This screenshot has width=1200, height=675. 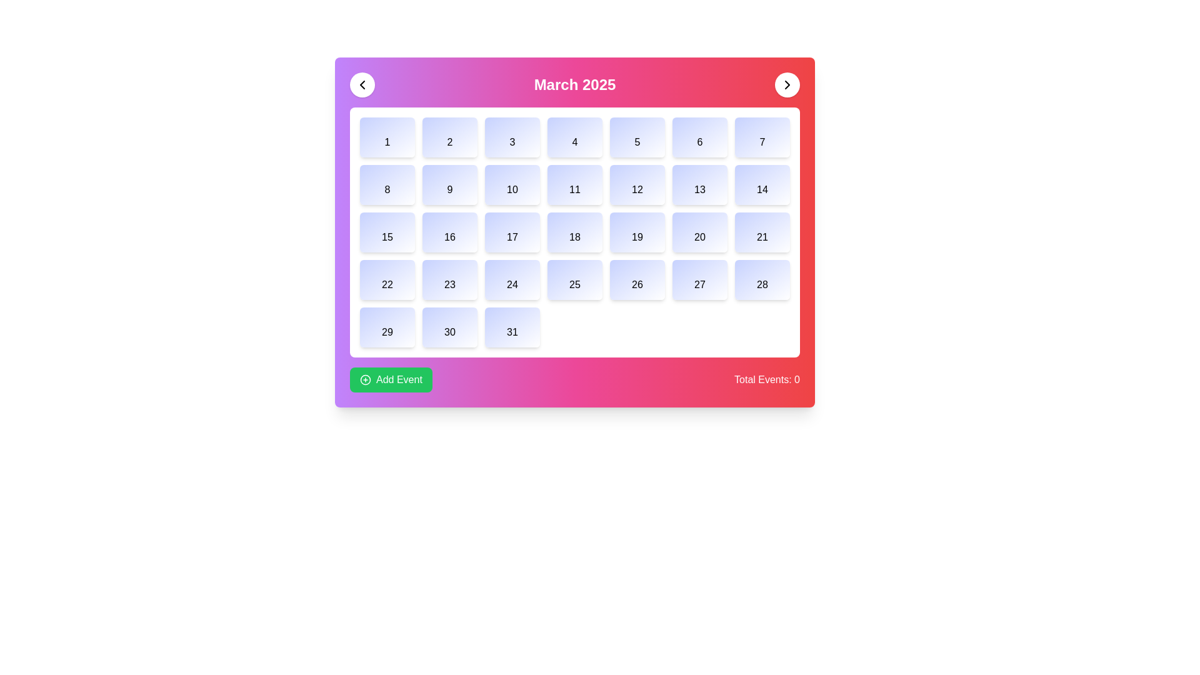 What do you see at coordinates (699, 185) in the screenshot?
I see `the text label displaying the number '13' in the second row, seventh column of a calendar-style grid layout` at bounding box center [699, 185].